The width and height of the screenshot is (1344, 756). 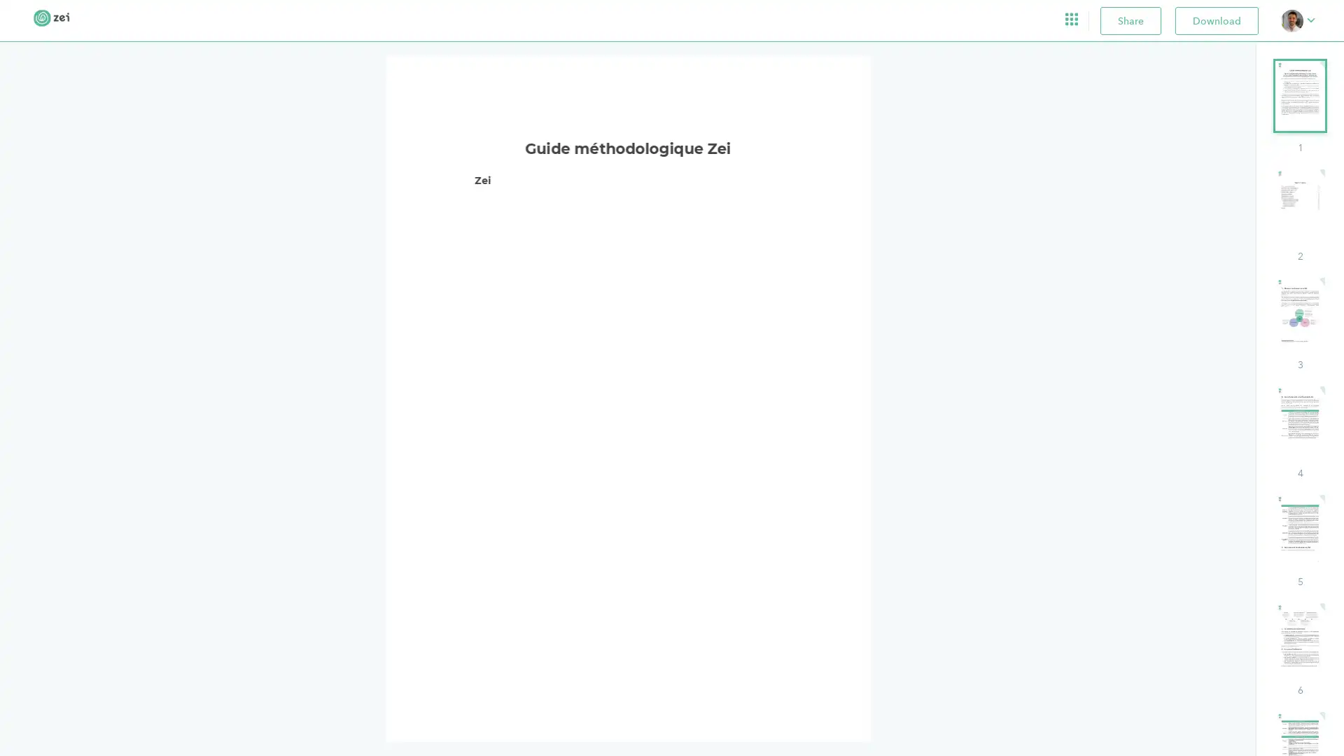 I want to click on Page 1, so click(x=1299, y=106).